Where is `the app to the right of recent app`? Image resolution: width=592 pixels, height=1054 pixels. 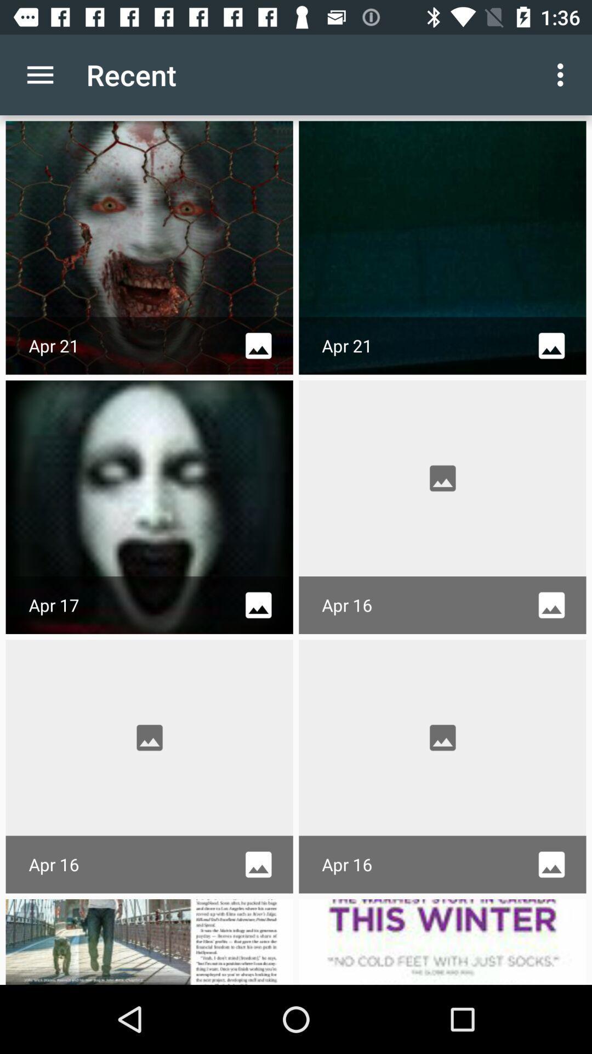 the app to the right of recent app is located at coordinates (563, 74).